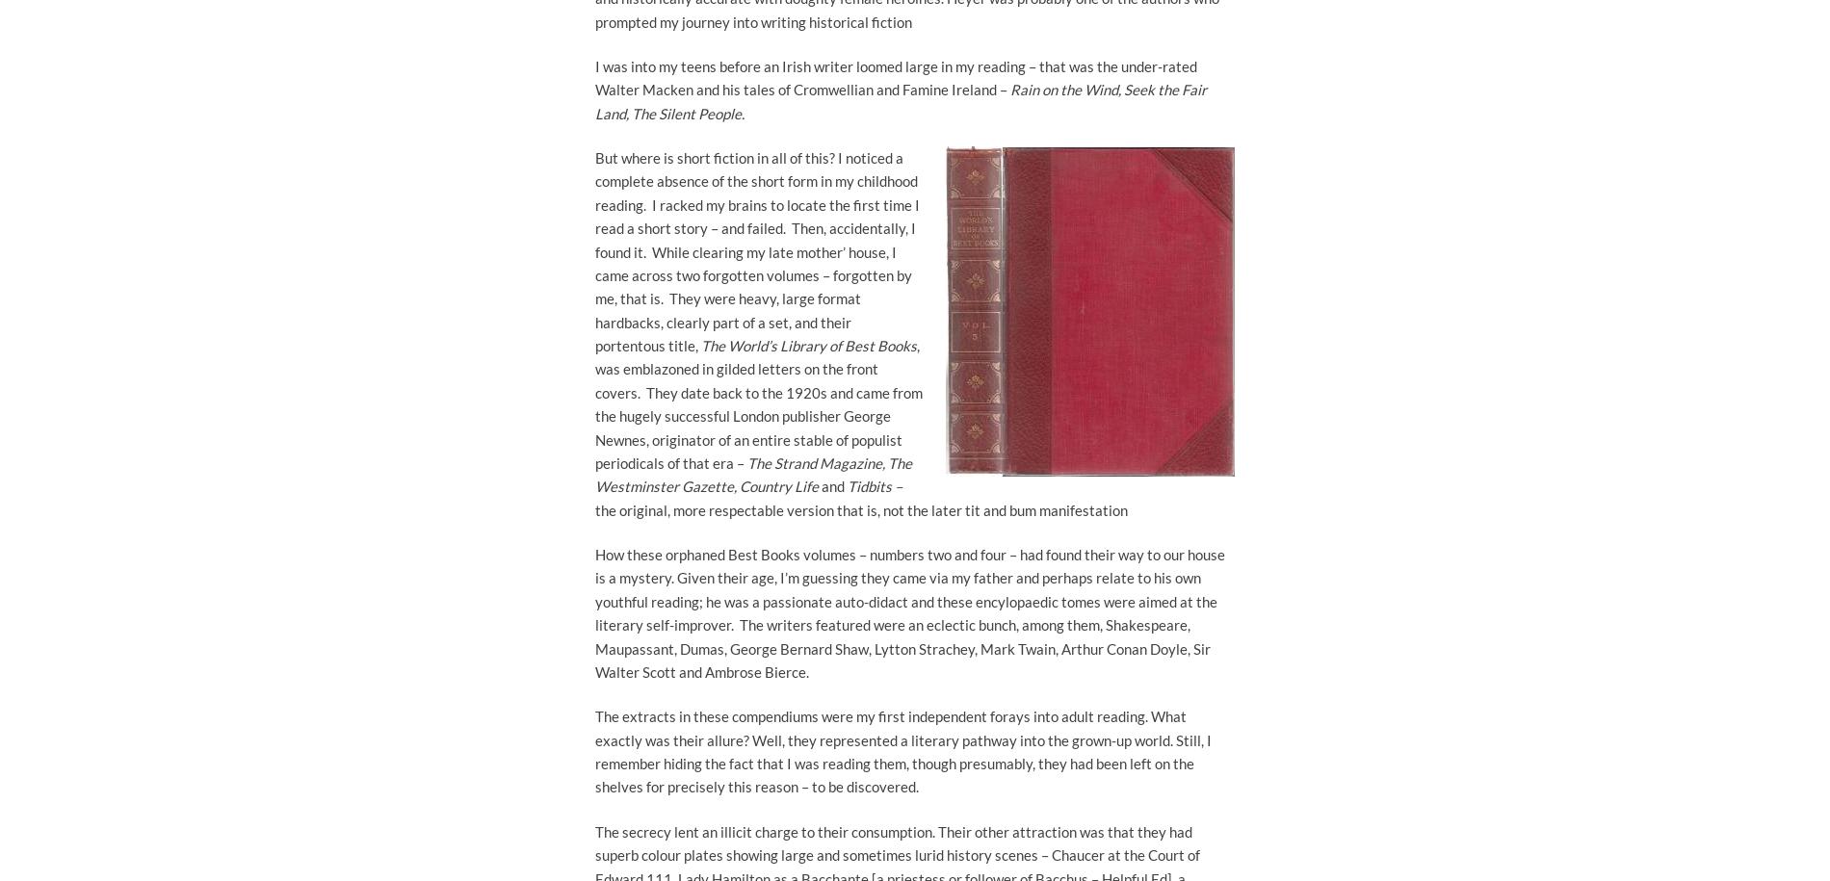  What do you see at coordinates (756, 250) in the screenshot?
I see `'But where is short fiction in all of this? I noticed a complete absence of the short form in my childhood reading.  I racked my brains to locate the first time I read a short story – and failed.  Then, accidentally, I found it.  While clearing my late mother’ house, I came across two forgotten volumes – forgotten by me, that is.  They were heavy, large format hardbacks, clearly part of a set, and their portentous title,'` at bounding box center [756, 250].